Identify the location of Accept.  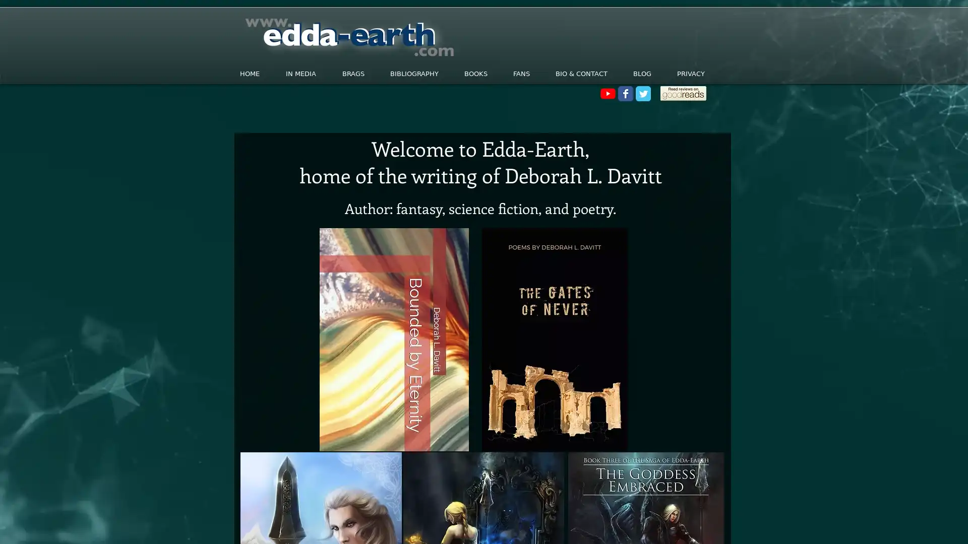
(923, 526).